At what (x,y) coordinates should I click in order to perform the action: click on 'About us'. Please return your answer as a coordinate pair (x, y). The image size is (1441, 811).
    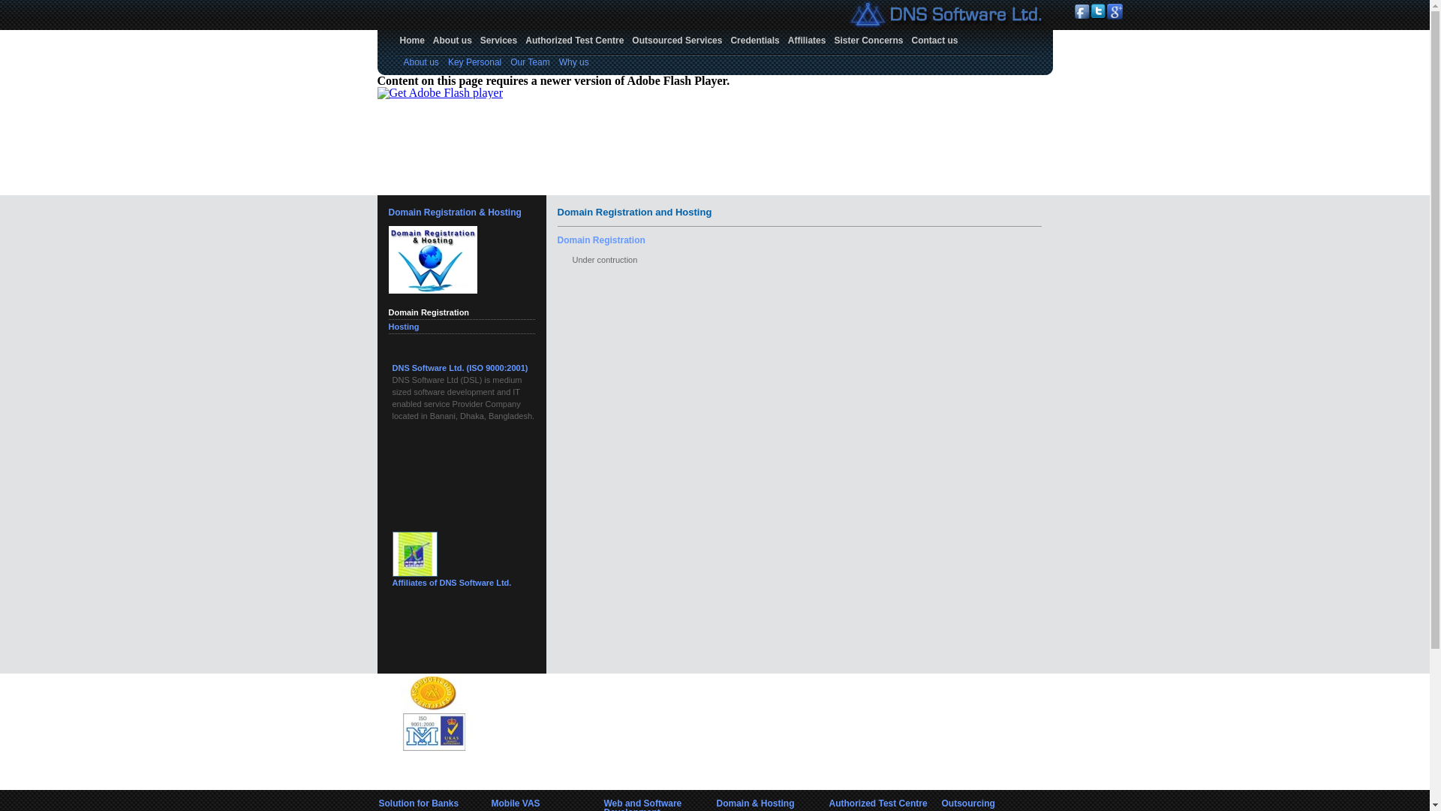
    Looking at the image, I should click on (420, 62).